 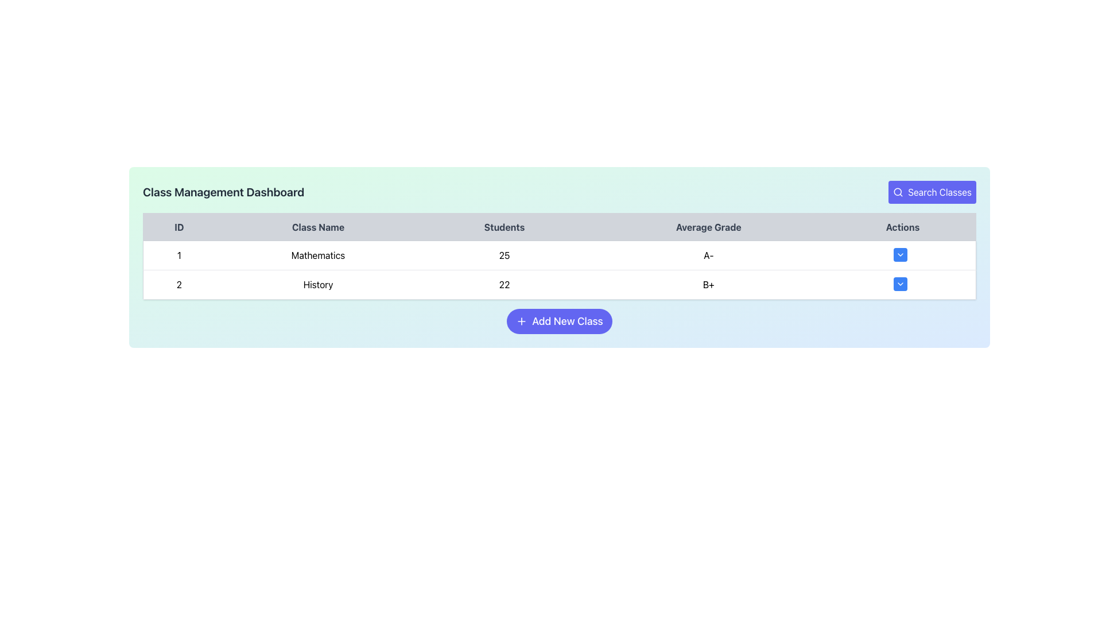 I want to click on the button in the 'Actions' column of the second row corresponding to the 'History' entry, so click(x=899, y=284).